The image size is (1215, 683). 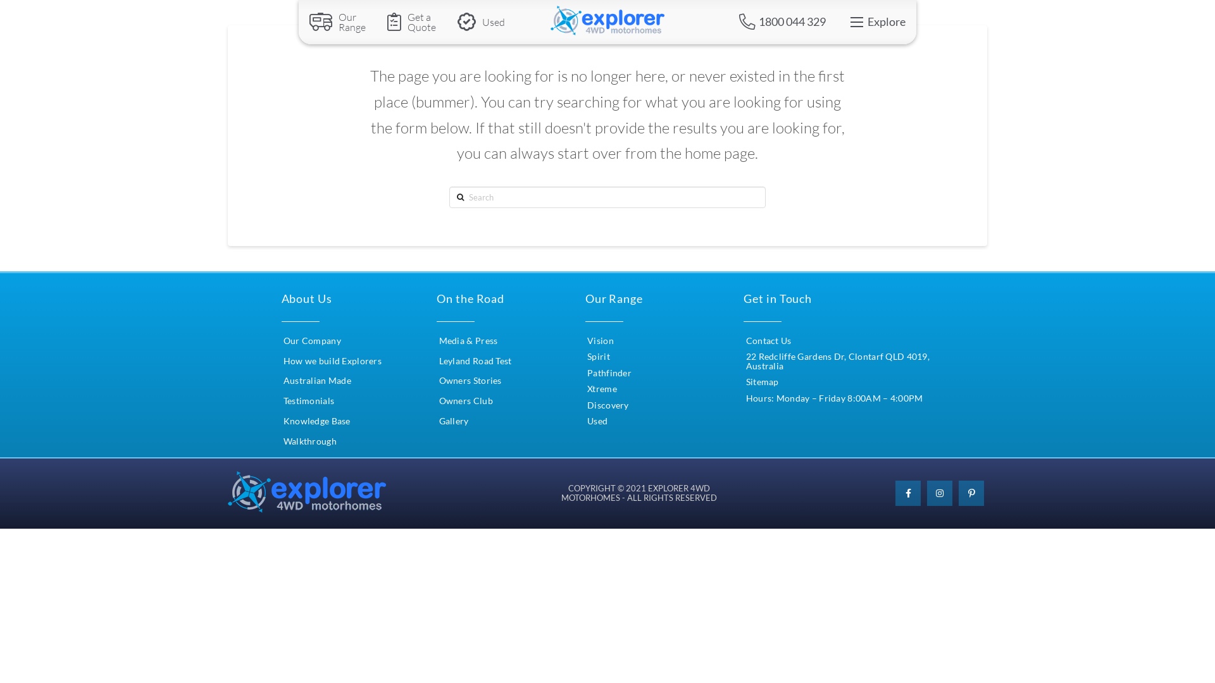 What do you see at coordinates (782, 22) in the screenshot?
I see `'1800 044 329'` at bounding box center [782, 22].